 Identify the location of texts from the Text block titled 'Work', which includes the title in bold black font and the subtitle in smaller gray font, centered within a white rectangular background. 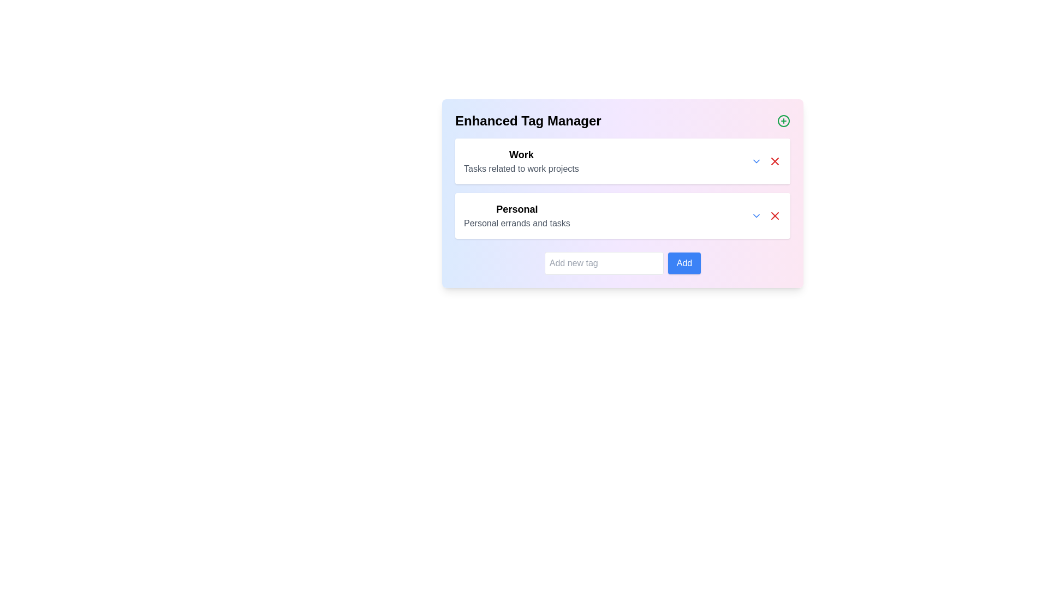
(521, 161).